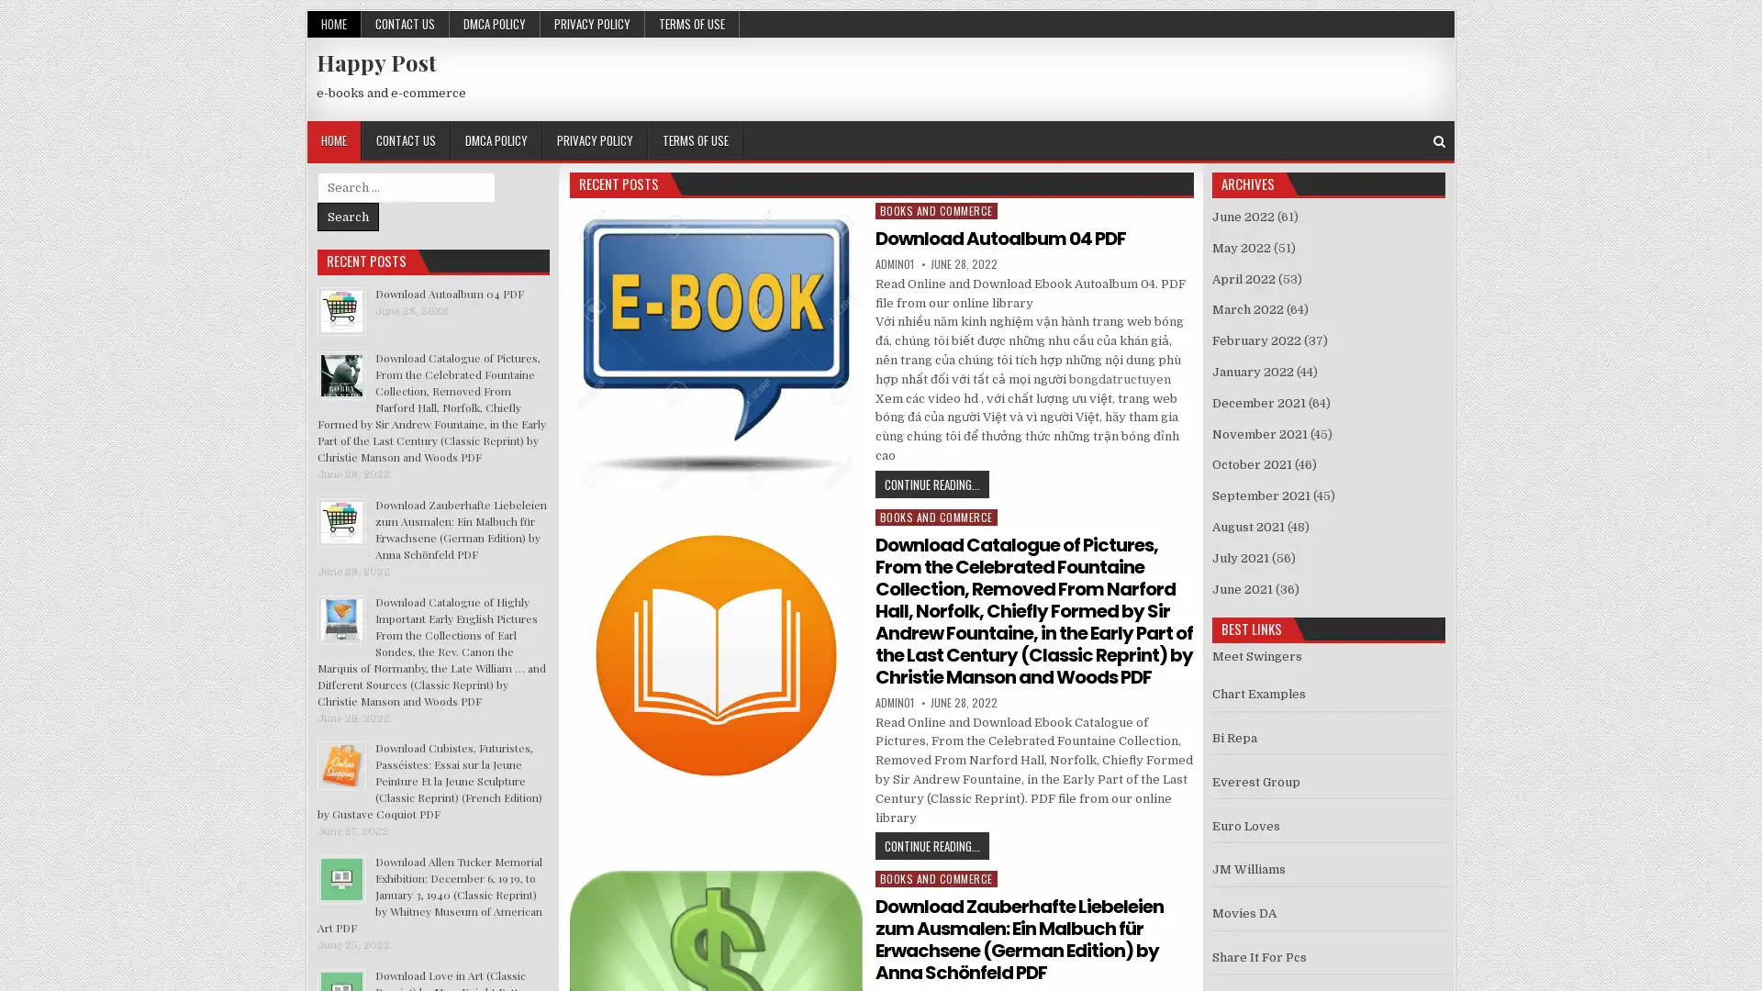 Image resolution: width=1762 pixels, height=991 pixels. Describe the element at coordinates (347, 216) in the screenshot. I see `Search` at that location.